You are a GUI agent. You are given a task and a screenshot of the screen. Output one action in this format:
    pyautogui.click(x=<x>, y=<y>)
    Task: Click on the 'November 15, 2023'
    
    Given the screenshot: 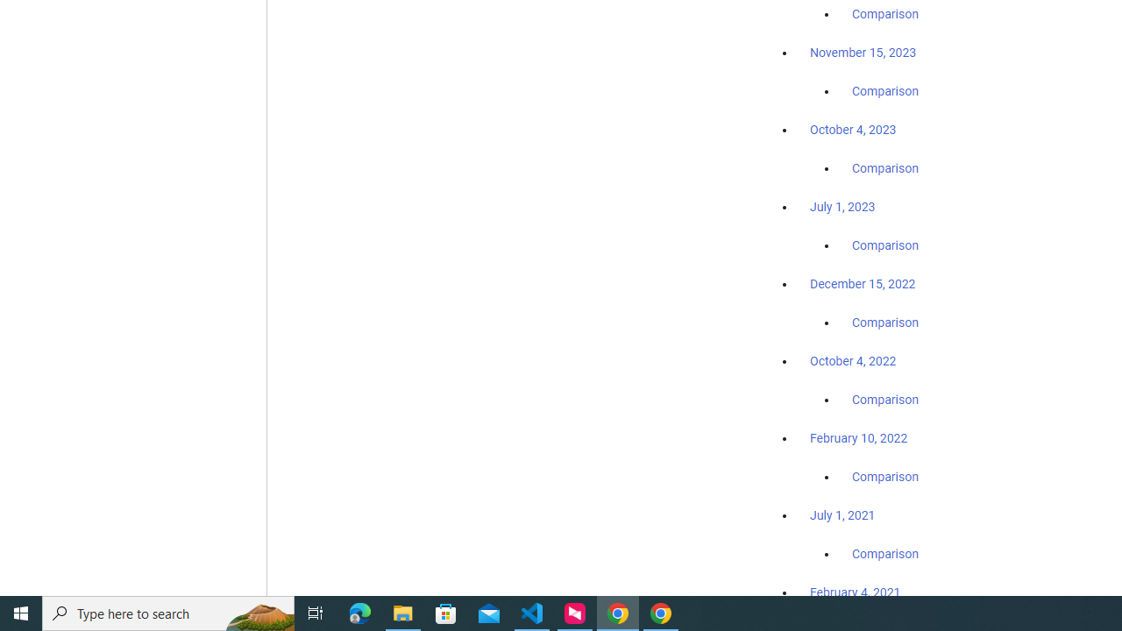 What is the action you would take?
    pyautogui.click(x=863, y=52)
    